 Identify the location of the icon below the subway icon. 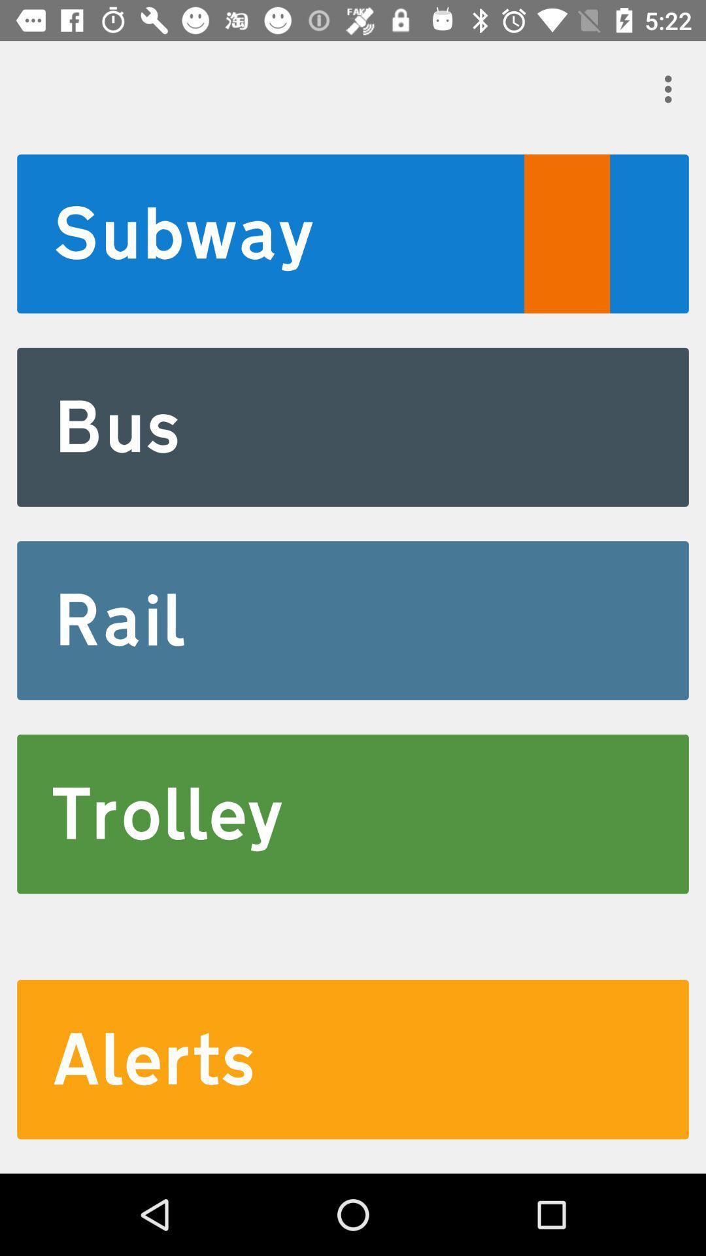
(353, 427).